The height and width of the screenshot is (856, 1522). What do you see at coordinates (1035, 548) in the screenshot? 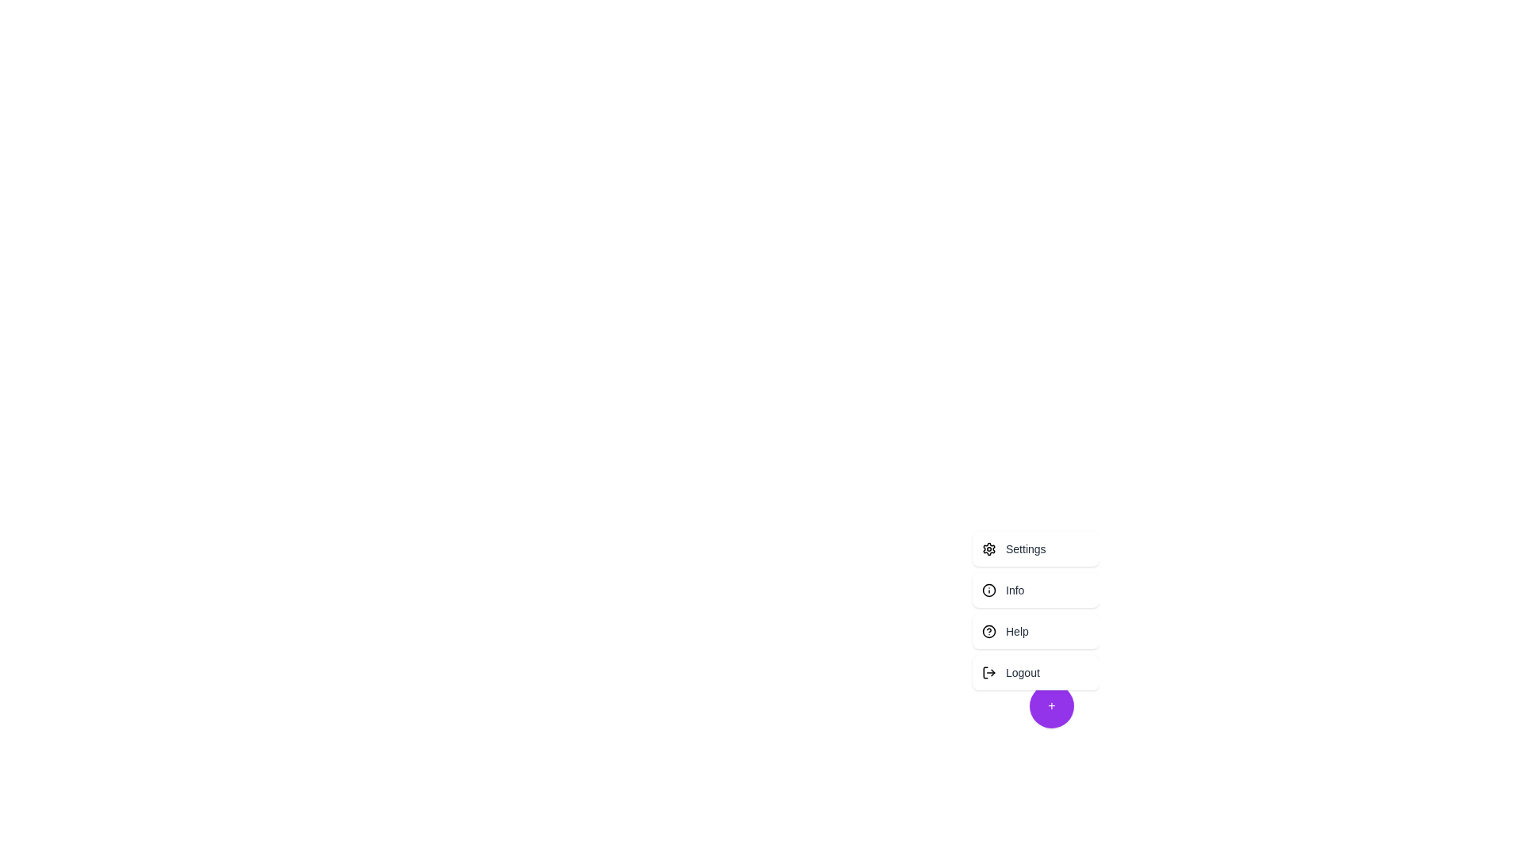
I see `the menu option Settings by clicking on it` at bounding box center [1035, 548].